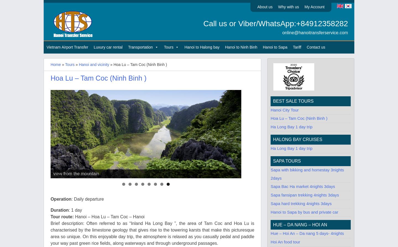 The height and width of the screenshot is (247, 398). What do you see at coordinates (225, 70) in the screenshot?
I see `'Hoi An Tours'` at bounding box center [225, 70].